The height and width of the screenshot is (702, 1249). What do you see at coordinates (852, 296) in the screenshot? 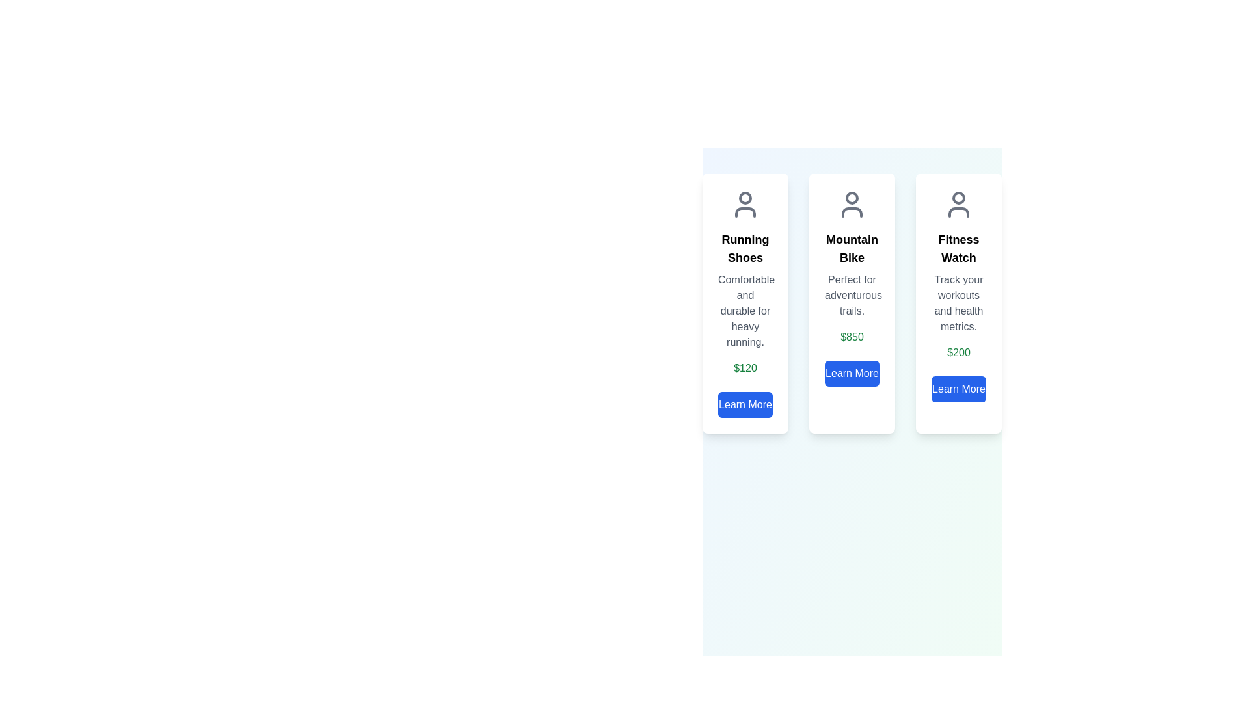
I see `the text label that reads 'Perfect for adventurous trails.' located in the 'Mountain Bike' card, which is centered vertically between the title 'Mountain Bike' and the price '$850'` at bounding box center [852, 296].